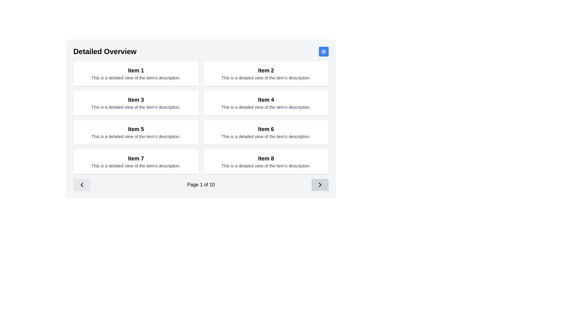 The width and height of the screenshot is (587, 330). Describe the element at coordinates (135, 100) in the screenshot. I see `the text component labeled 'Item 3', which is styled in bold and large font, located in the second column and second row of a grid layout` at that location.